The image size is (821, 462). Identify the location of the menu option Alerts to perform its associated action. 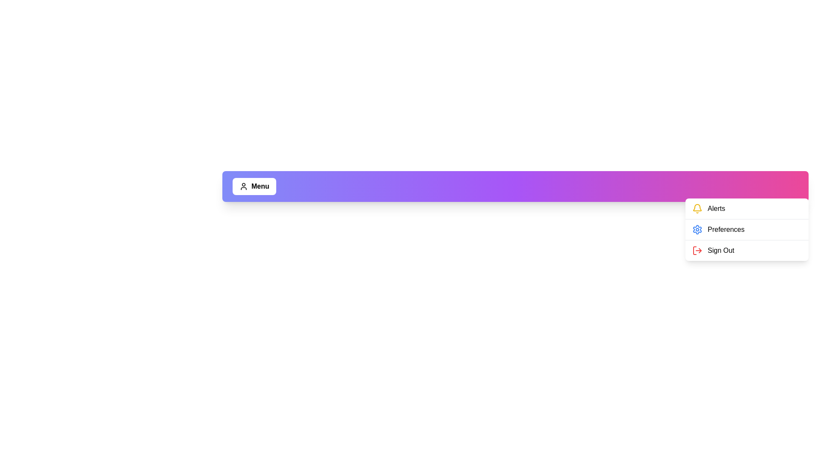
(695, 209).